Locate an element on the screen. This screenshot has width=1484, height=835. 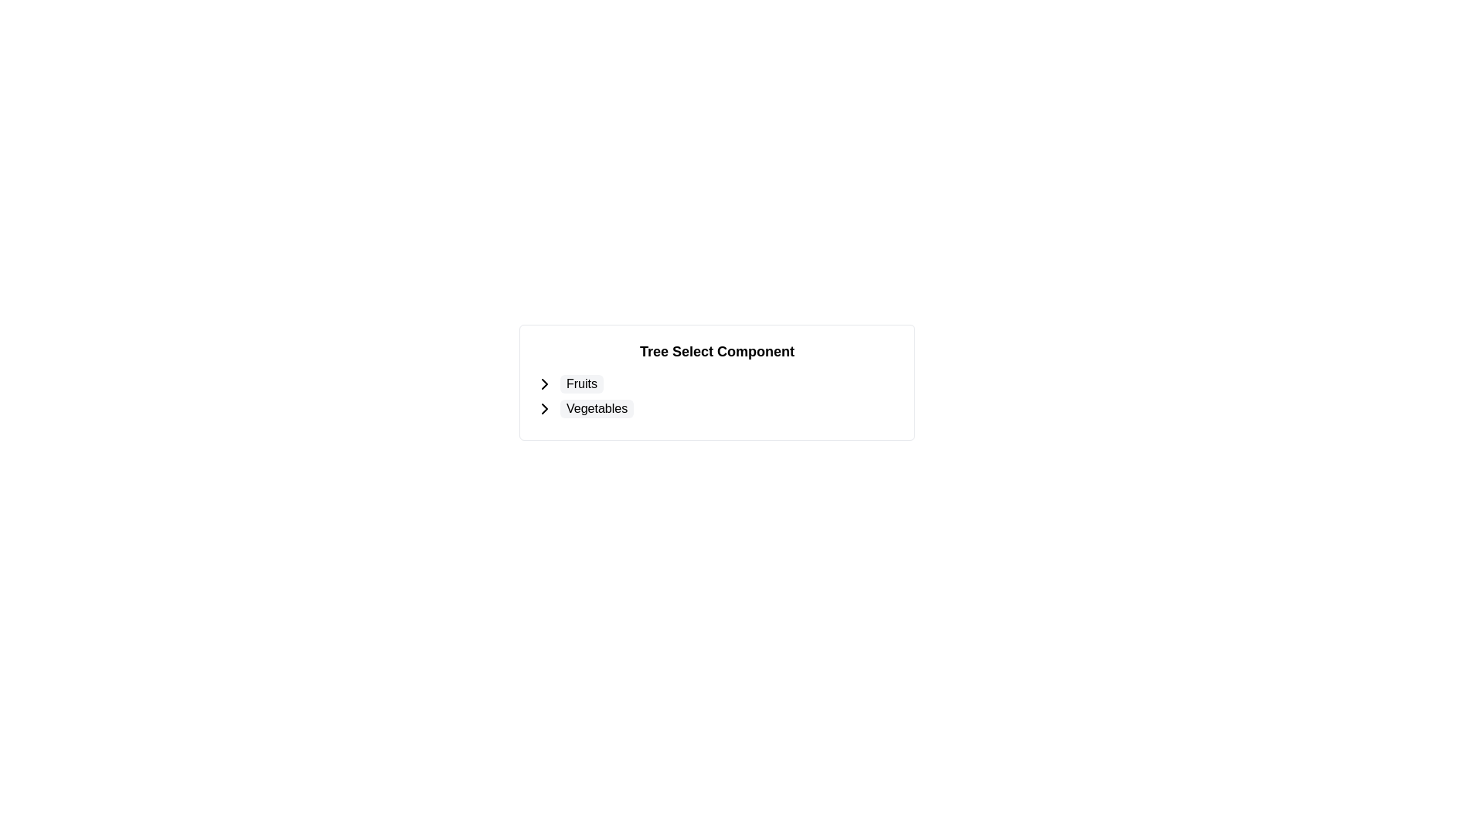
the chevron button located to the immediate left of the text 'Vegetables' is located at coordinates (545, 407).